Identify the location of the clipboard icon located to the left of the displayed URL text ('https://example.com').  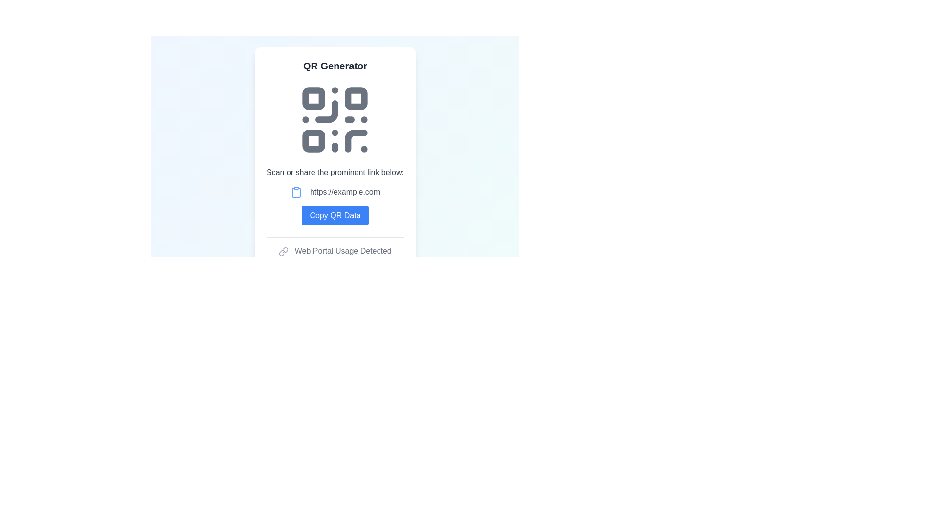
(295, 192).